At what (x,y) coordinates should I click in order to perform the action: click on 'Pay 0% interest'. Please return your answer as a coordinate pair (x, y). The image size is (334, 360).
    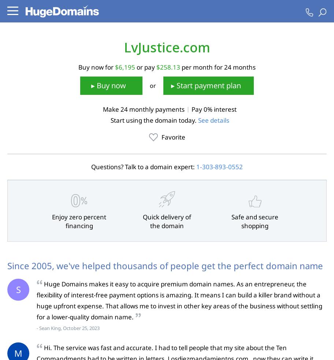
    Looking at the image, I should click on (214, 109).